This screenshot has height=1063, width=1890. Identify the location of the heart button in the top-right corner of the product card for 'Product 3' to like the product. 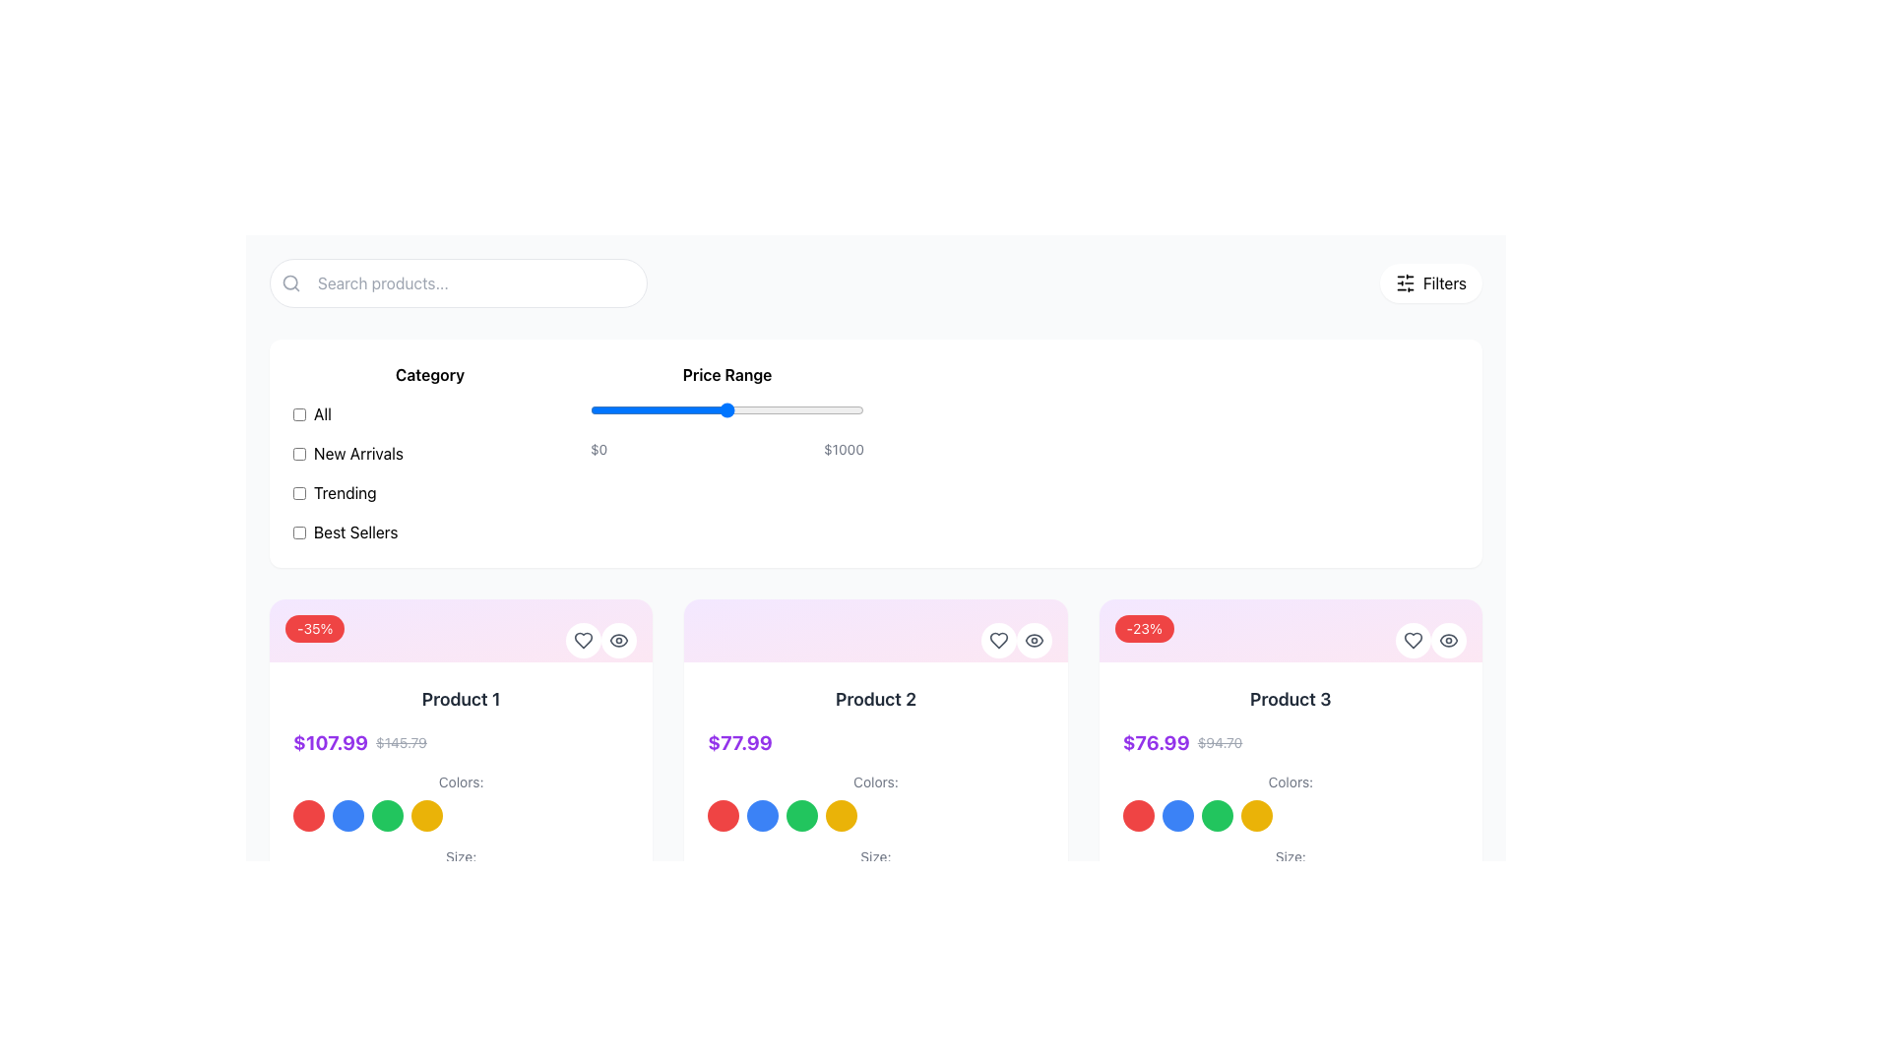
(1431, 637).